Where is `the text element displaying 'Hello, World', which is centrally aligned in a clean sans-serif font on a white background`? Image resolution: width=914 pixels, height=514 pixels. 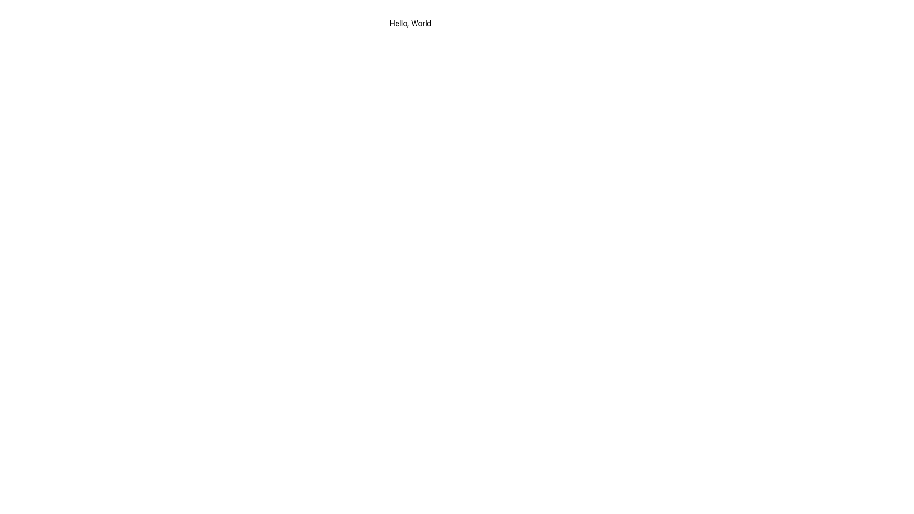
the text element displaying 'Hello, World', which is centrally aligned in a clean sans-serif font on a white background is located at coordinates (410, 23).